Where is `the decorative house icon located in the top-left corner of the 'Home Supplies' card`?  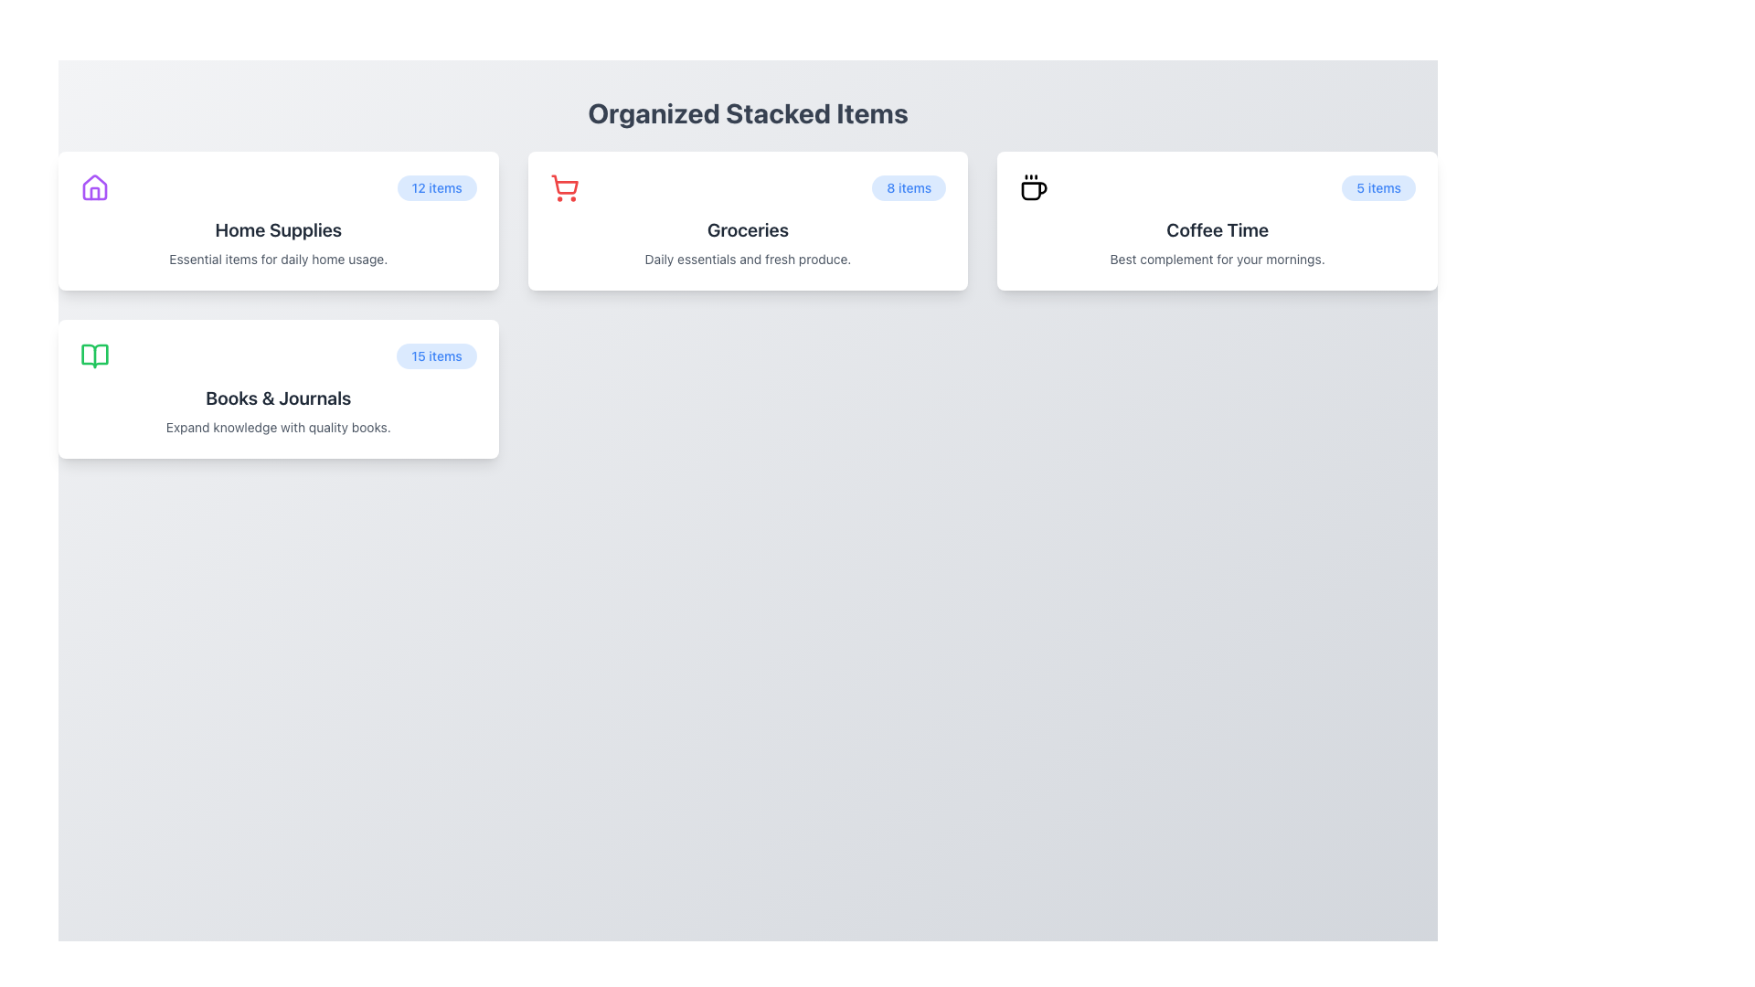
the decorative house icon located in the top-left corner of the 'Home Supplies' card is located at coordinates (94, 186).